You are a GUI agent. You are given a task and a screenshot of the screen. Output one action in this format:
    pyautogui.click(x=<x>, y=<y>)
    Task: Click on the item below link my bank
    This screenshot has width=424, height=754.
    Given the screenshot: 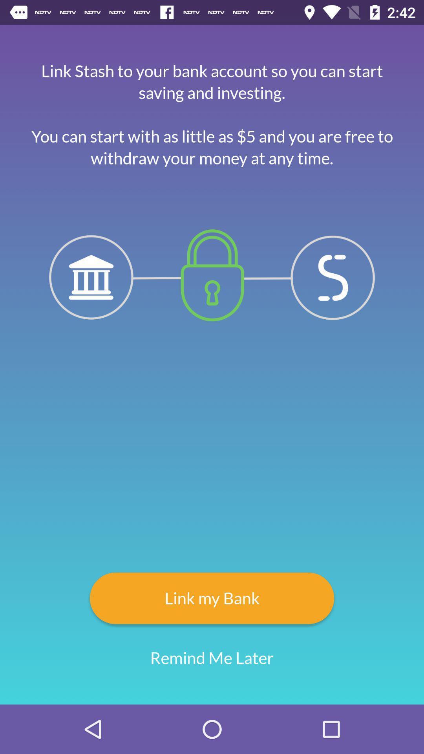 What is the action you would take?
    pyautogui.click(x=212, y=658)
    